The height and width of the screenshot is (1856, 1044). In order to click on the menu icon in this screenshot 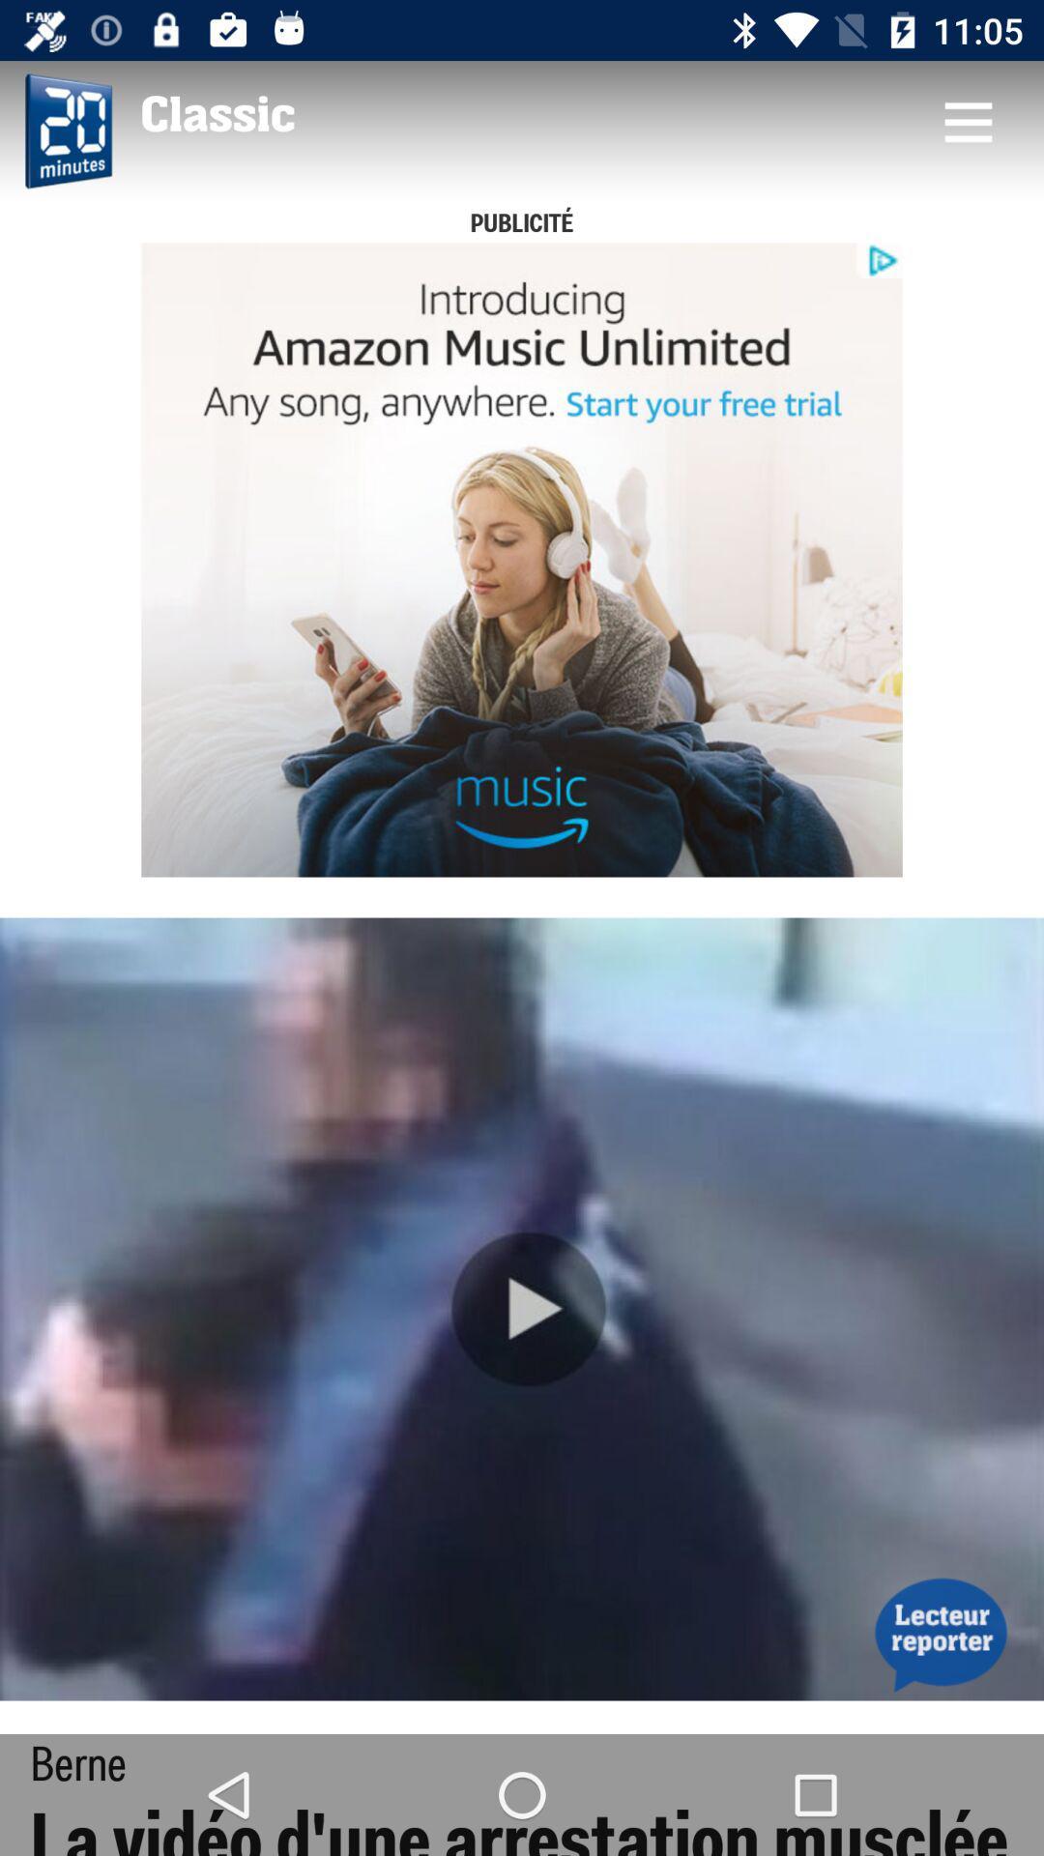, I will do `click(968, 120)`.